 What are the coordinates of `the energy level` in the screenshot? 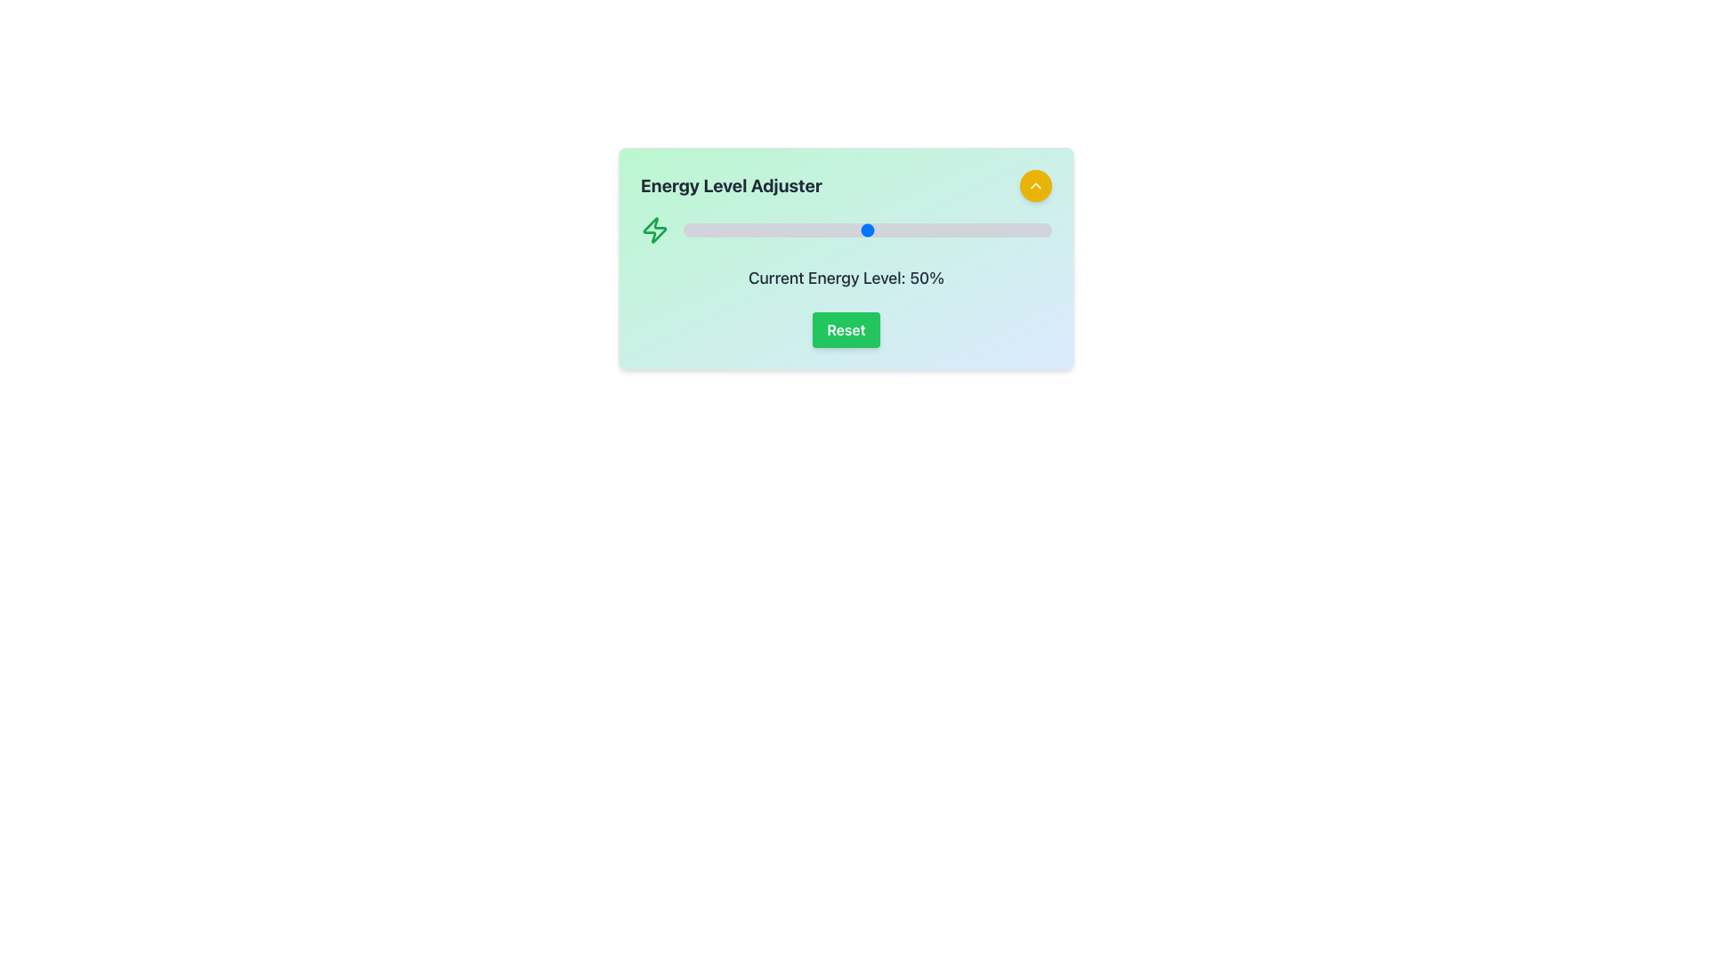 It's located at (785, 229).